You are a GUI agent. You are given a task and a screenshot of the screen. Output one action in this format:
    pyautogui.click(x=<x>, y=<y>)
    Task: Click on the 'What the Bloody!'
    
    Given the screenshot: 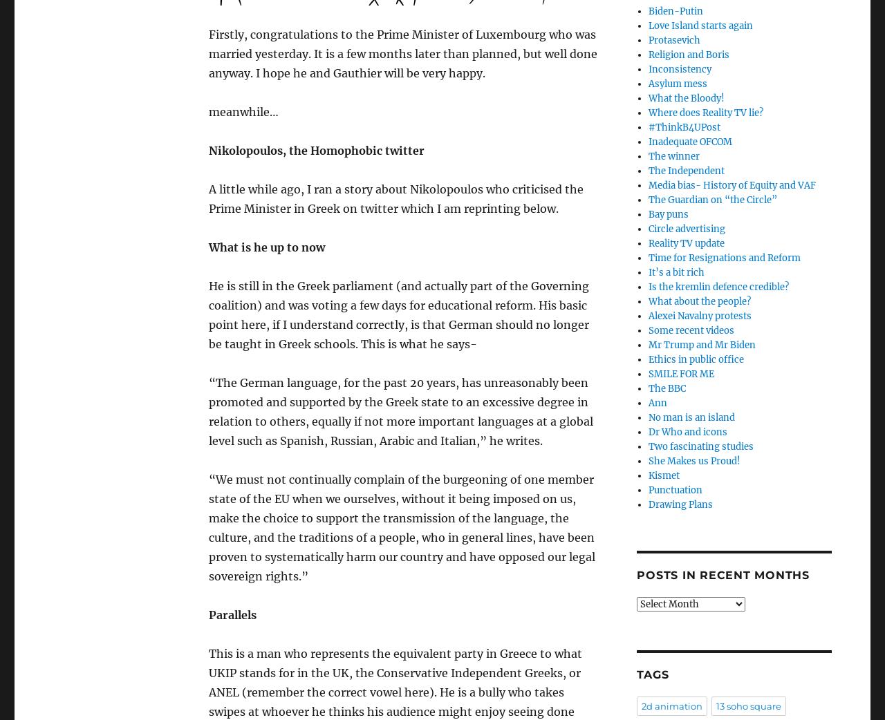 What is the action you would take?
    pyautogui.click(x=686, y=98)
    